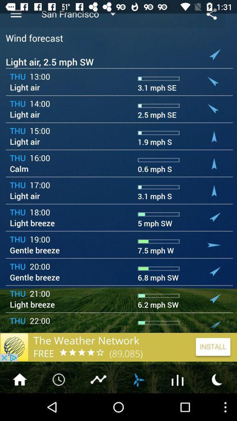  I want to click on the weather icon, so click(217, 406).